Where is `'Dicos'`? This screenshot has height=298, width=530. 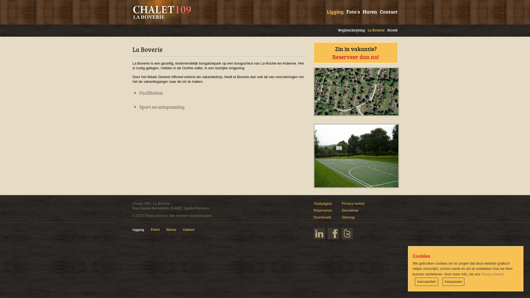 'Dicos' is located at coordinates (150, 215).